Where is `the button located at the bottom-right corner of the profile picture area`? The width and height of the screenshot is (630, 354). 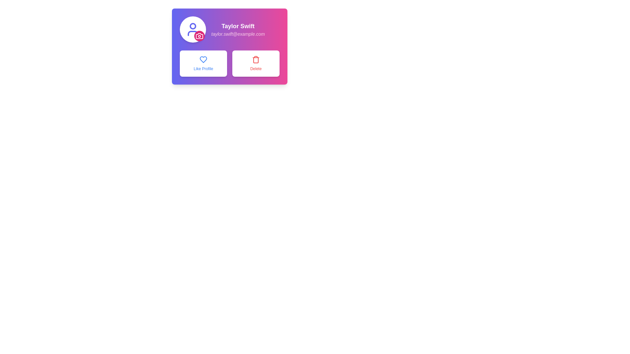
the button located at the bottom-right corner of the profile picture area is located at coordinates (199, 36).